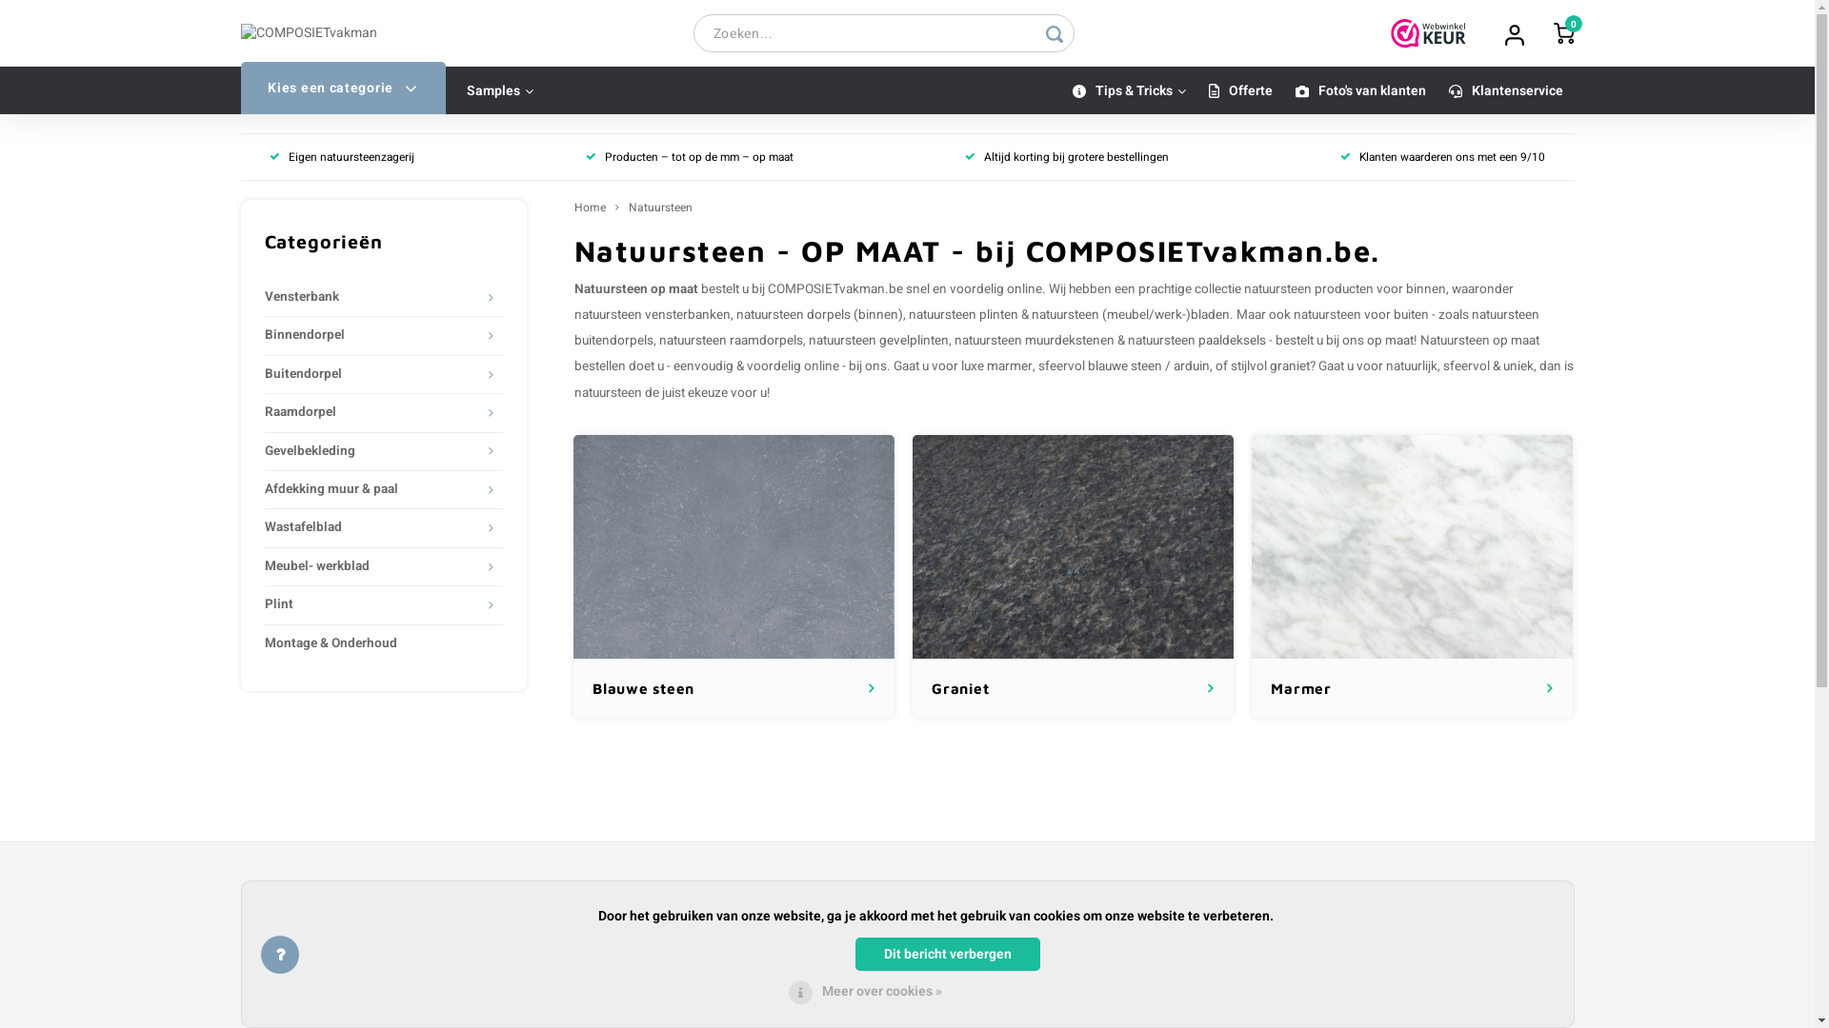 Image resolution: width=1829 pixels, height=1028 pixels. I want to click on 'Graniet', so click(1073, 546).